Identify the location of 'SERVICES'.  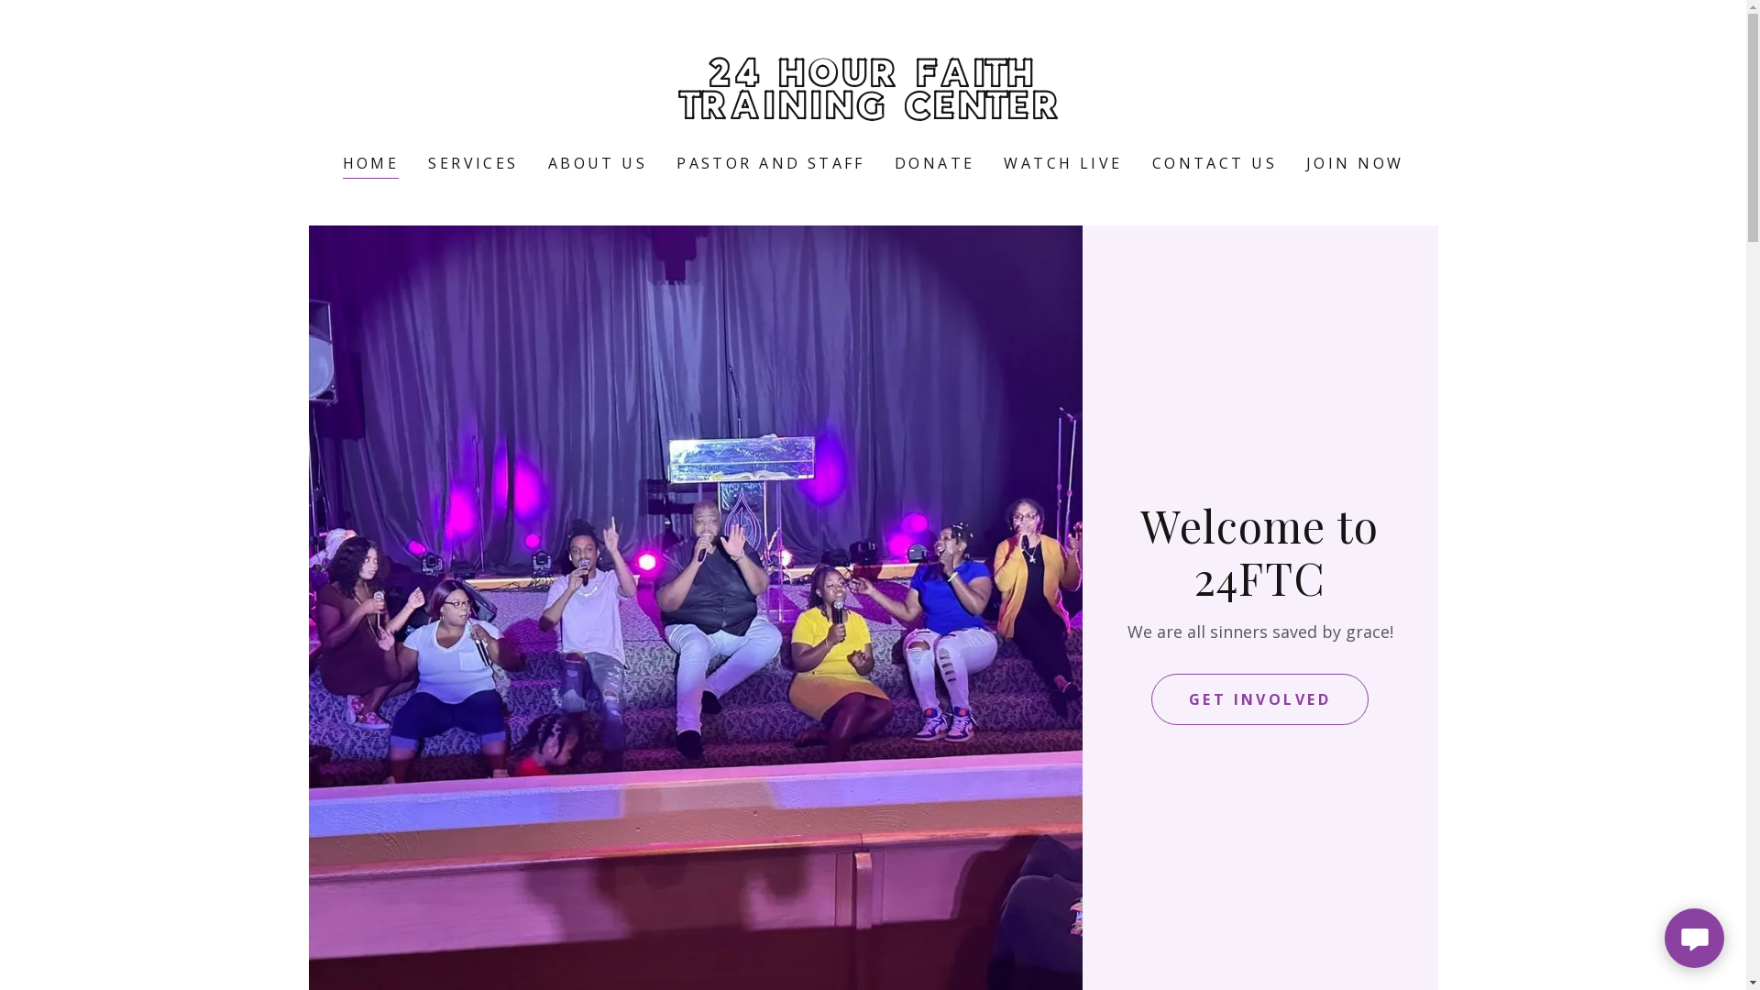
(473, 161).